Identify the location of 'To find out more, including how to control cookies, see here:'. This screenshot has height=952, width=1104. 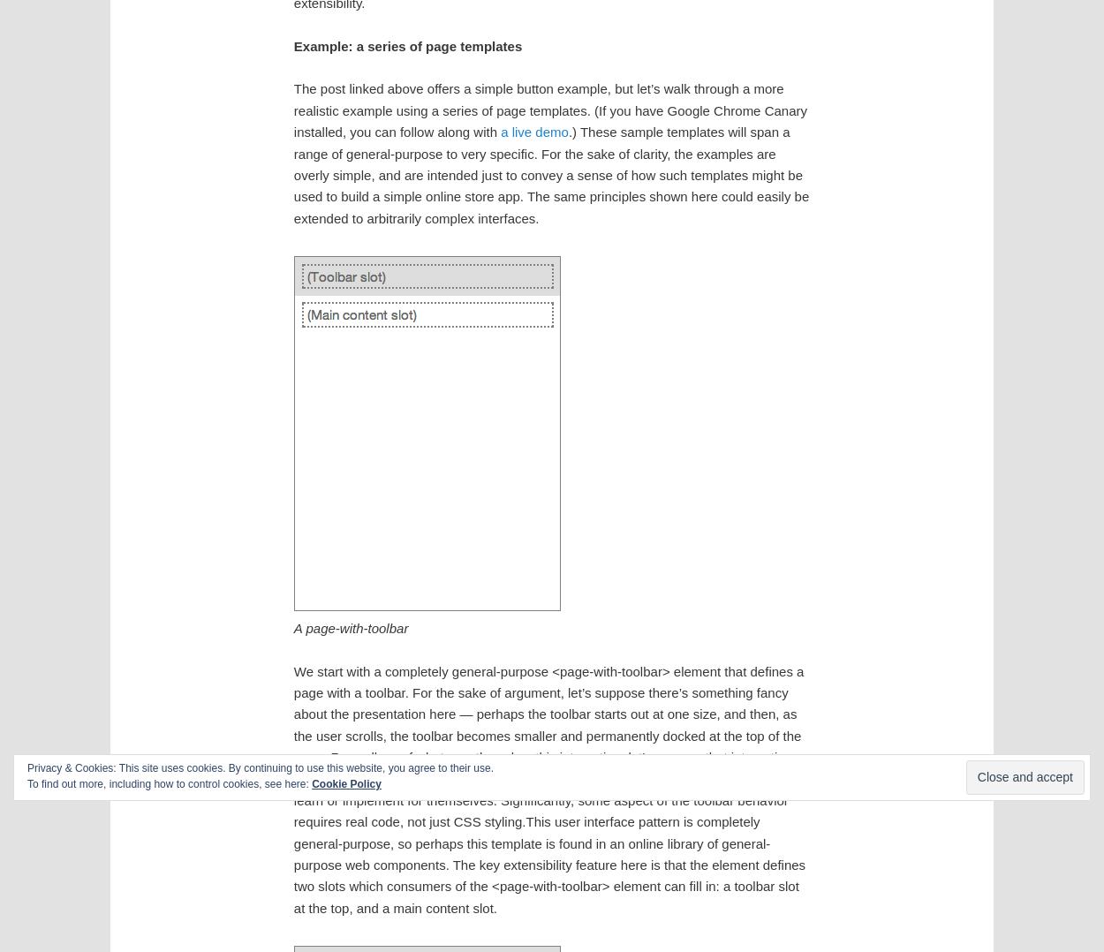
(27, 783).